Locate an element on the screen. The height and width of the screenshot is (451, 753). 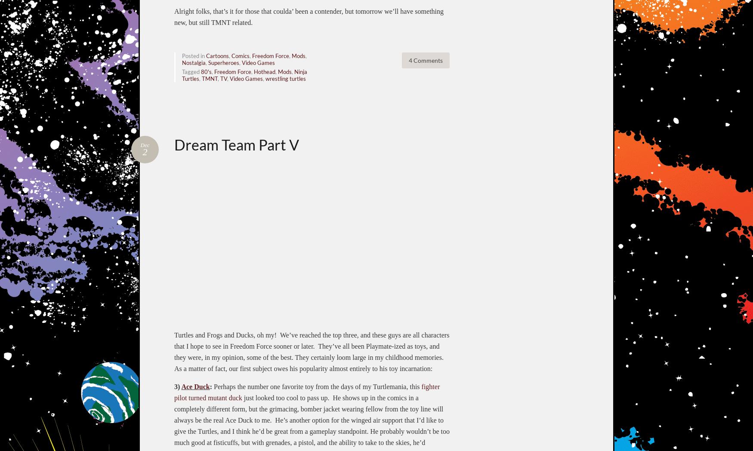
'Posted in' is located at coordinates (194, 55).